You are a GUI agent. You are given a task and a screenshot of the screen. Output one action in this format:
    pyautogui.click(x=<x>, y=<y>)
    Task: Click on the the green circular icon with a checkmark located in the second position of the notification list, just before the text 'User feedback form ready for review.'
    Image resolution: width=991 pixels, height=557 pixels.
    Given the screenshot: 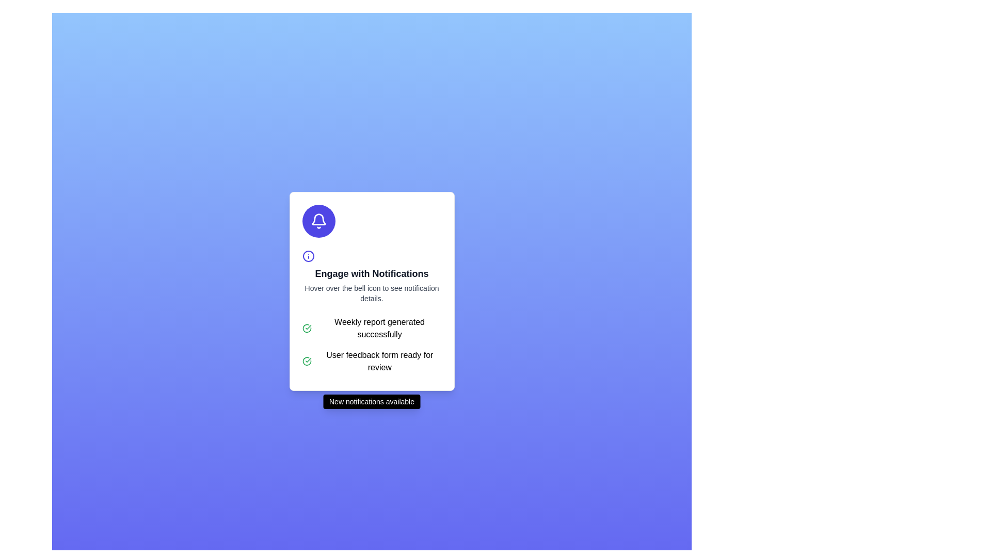 What is the action you would take?
    pyautogui.click(x=306, y=361)
    